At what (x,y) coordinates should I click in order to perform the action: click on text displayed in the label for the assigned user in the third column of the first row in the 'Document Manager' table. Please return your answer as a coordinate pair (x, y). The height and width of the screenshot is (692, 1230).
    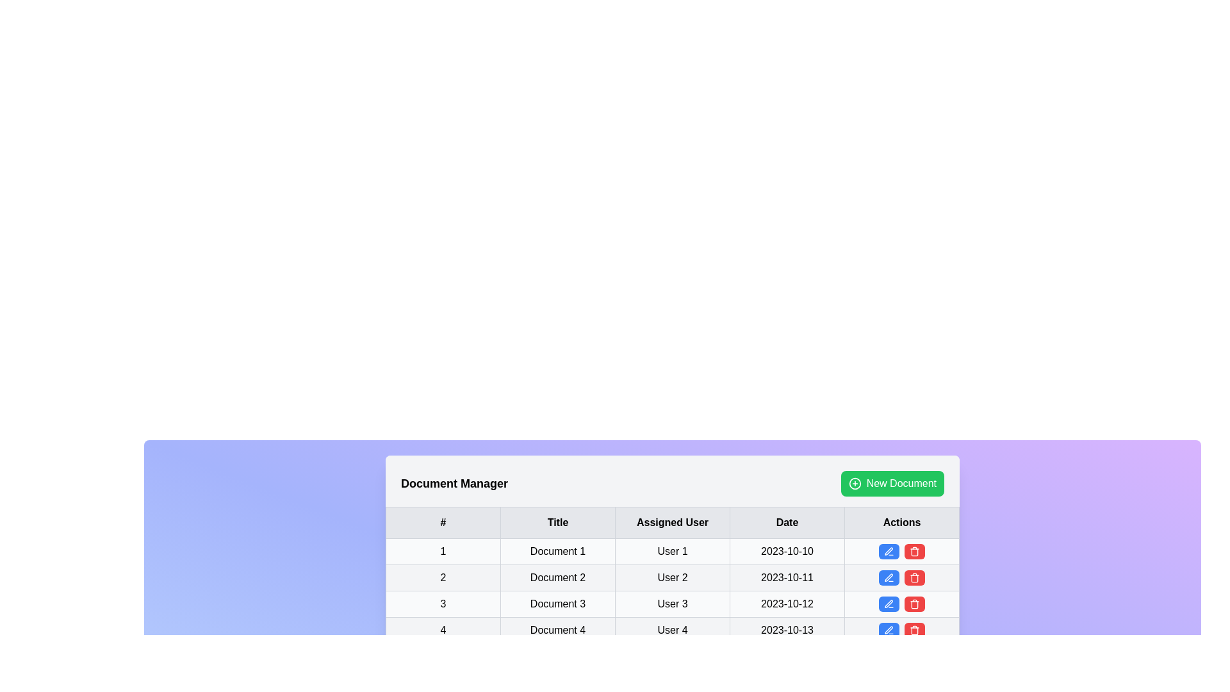
    Looking at the image, I should click on (672, 550).